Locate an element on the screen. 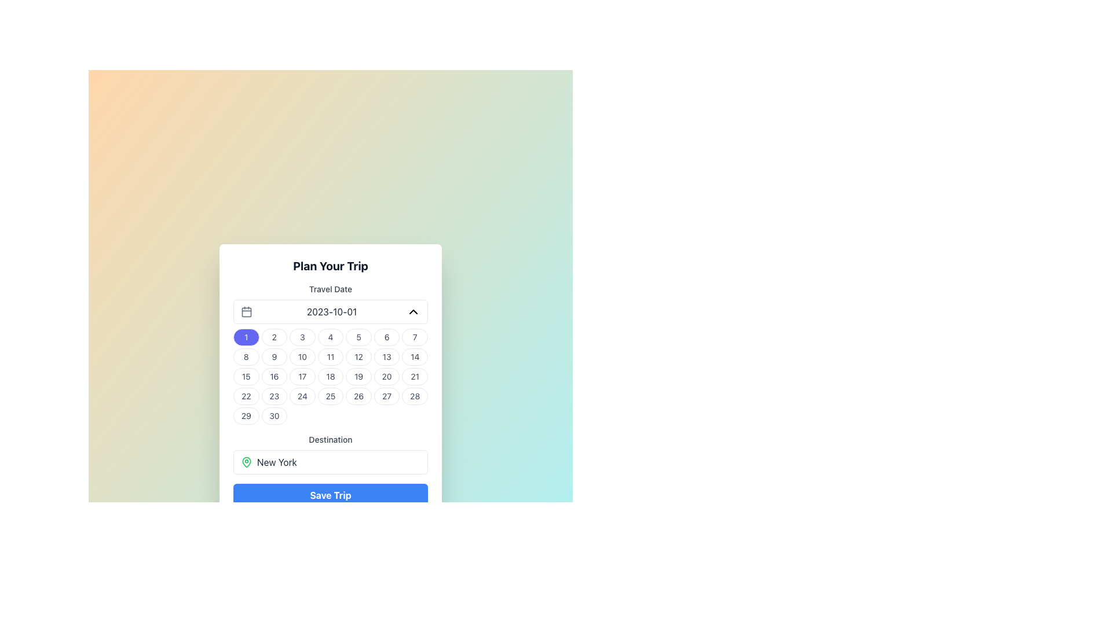  the 17th day button in the calendar date picker is located at coordinates (302, 377).